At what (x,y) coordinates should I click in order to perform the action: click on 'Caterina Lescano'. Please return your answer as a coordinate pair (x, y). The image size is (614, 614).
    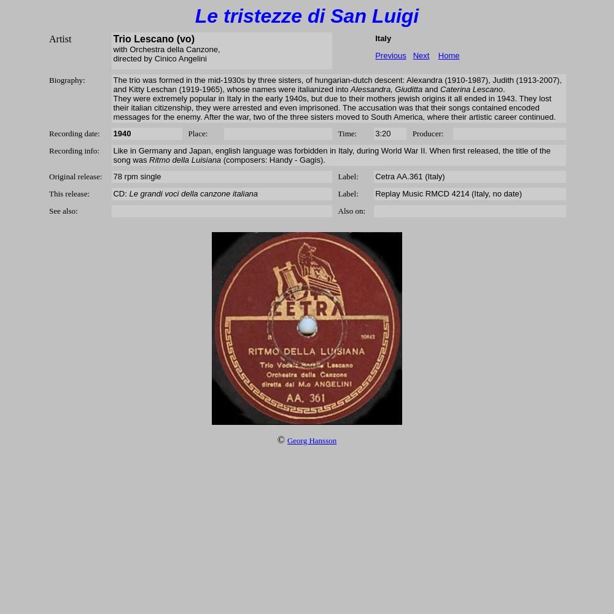
    Looking at the image, I should click on (472, 89).